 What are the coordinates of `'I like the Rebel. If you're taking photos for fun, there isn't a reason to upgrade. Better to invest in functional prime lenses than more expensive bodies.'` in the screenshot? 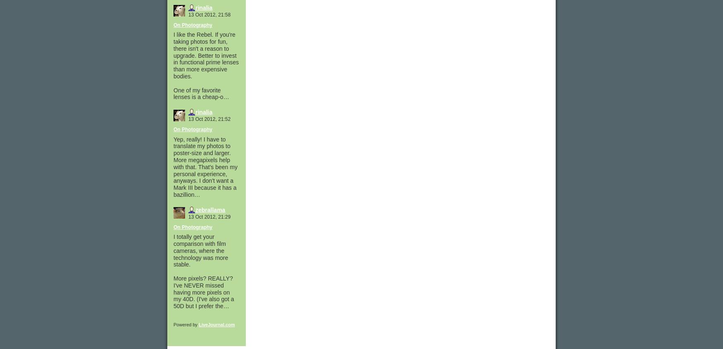 It's located at (206, 55).